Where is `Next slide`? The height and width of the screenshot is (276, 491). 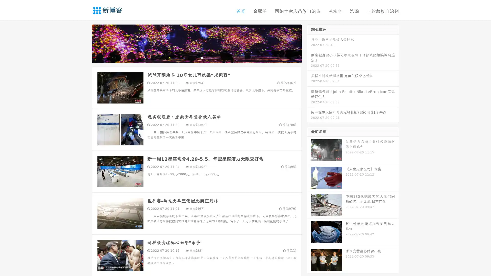
Next slide is located at coordinates (309, 43).